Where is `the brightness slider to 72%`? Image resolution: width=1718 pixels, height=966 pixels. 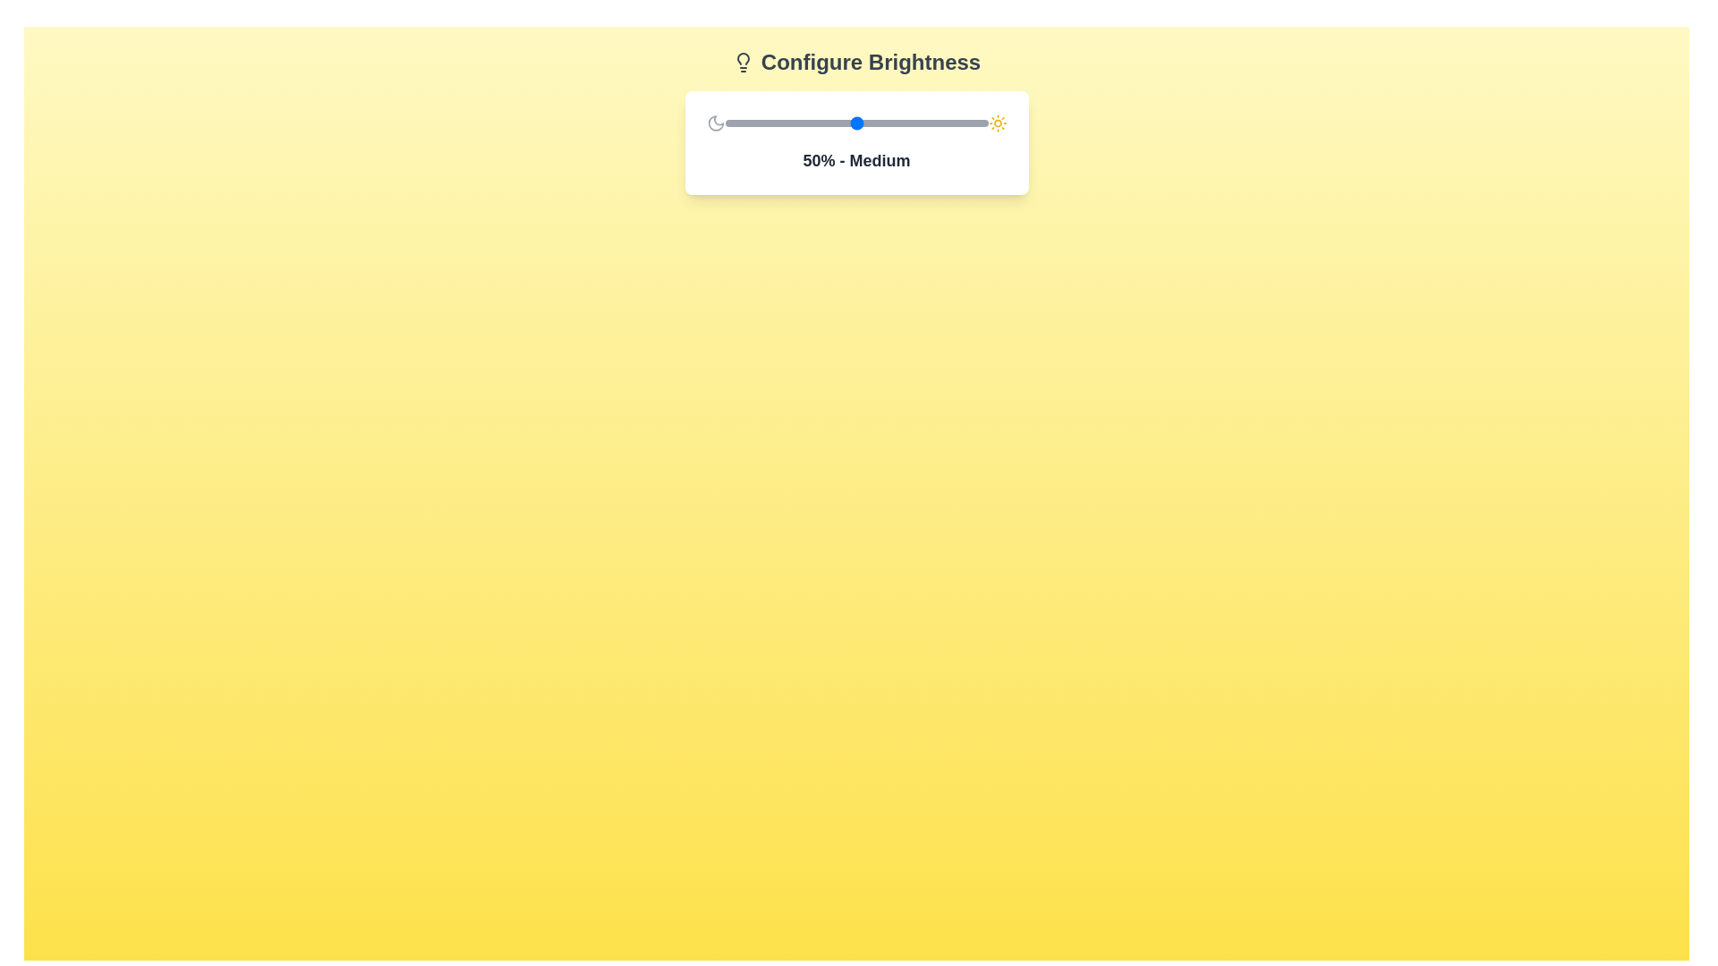 the brightness slider to 72% is located at coordinates (914, 123).